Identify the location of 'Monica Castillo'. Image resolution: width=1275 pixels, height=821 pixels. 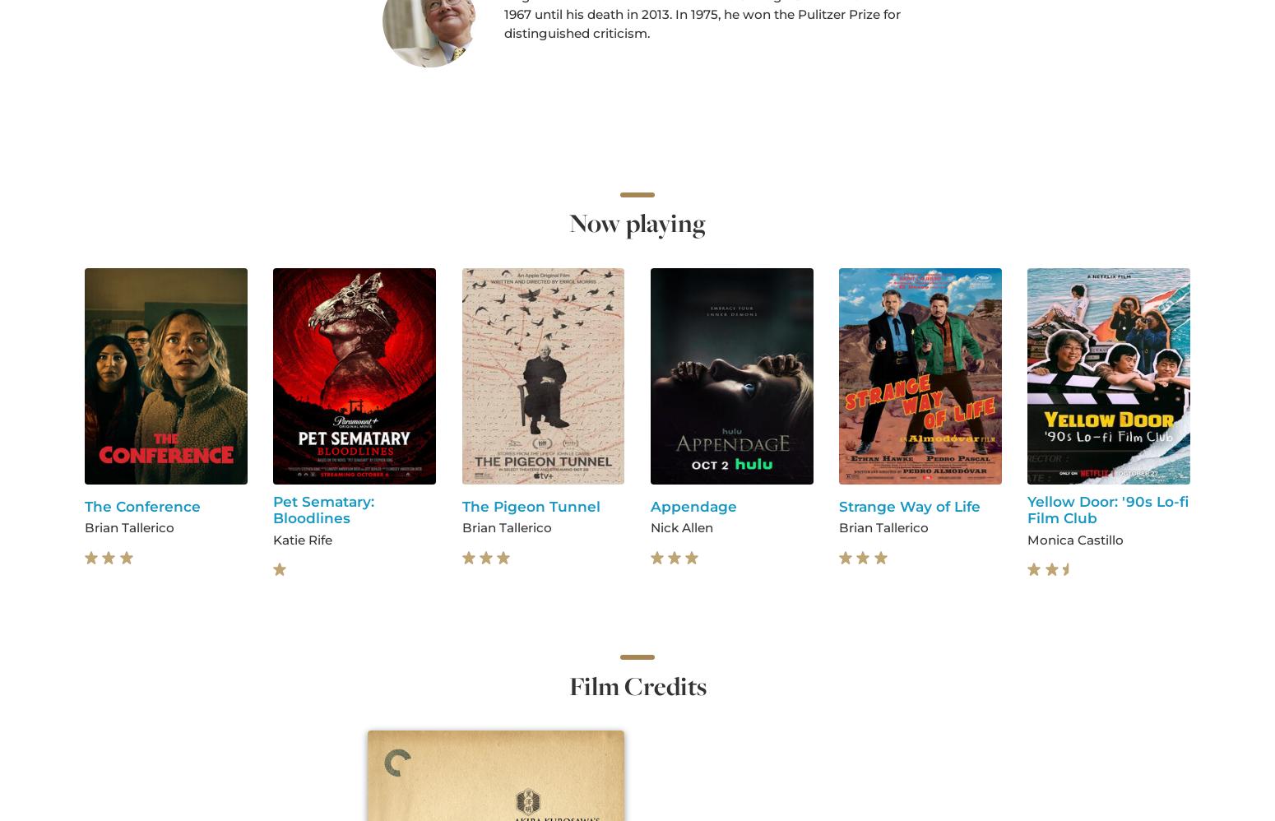
(1074, 538).